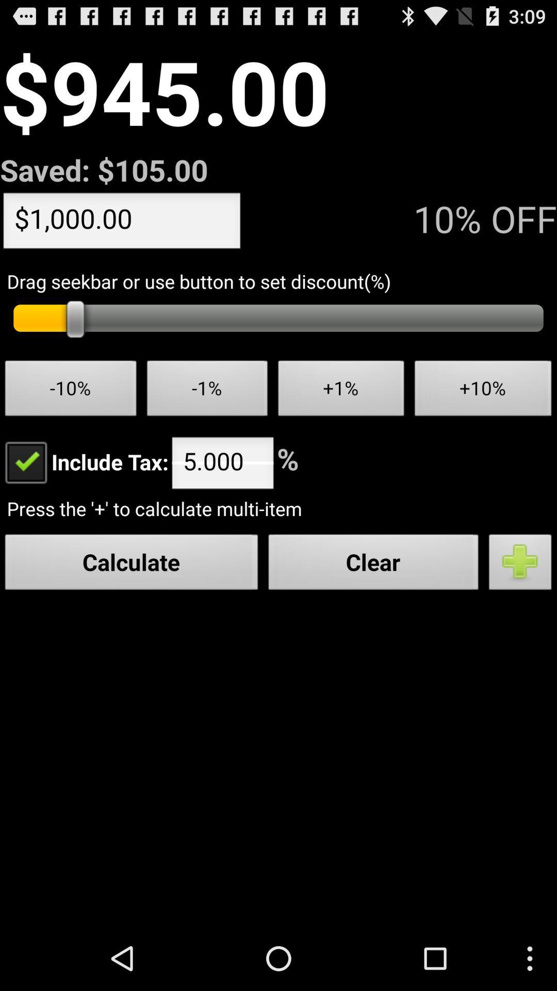 Image resolution: width=557 pixels, height=991 pixels. Describe the element at coordinates (84, 461) in the screenshot. I see `the button next to the 5.000 icon` at that location.